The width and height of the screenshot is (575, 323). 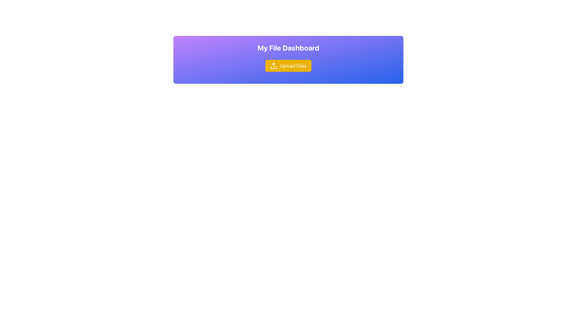 What do you see at coordinates (288, 65) in the screenshot?
I see `the 'Upload Files' button with a bright yellow background and an upward arrow icon` at bounding box center [288, 65].